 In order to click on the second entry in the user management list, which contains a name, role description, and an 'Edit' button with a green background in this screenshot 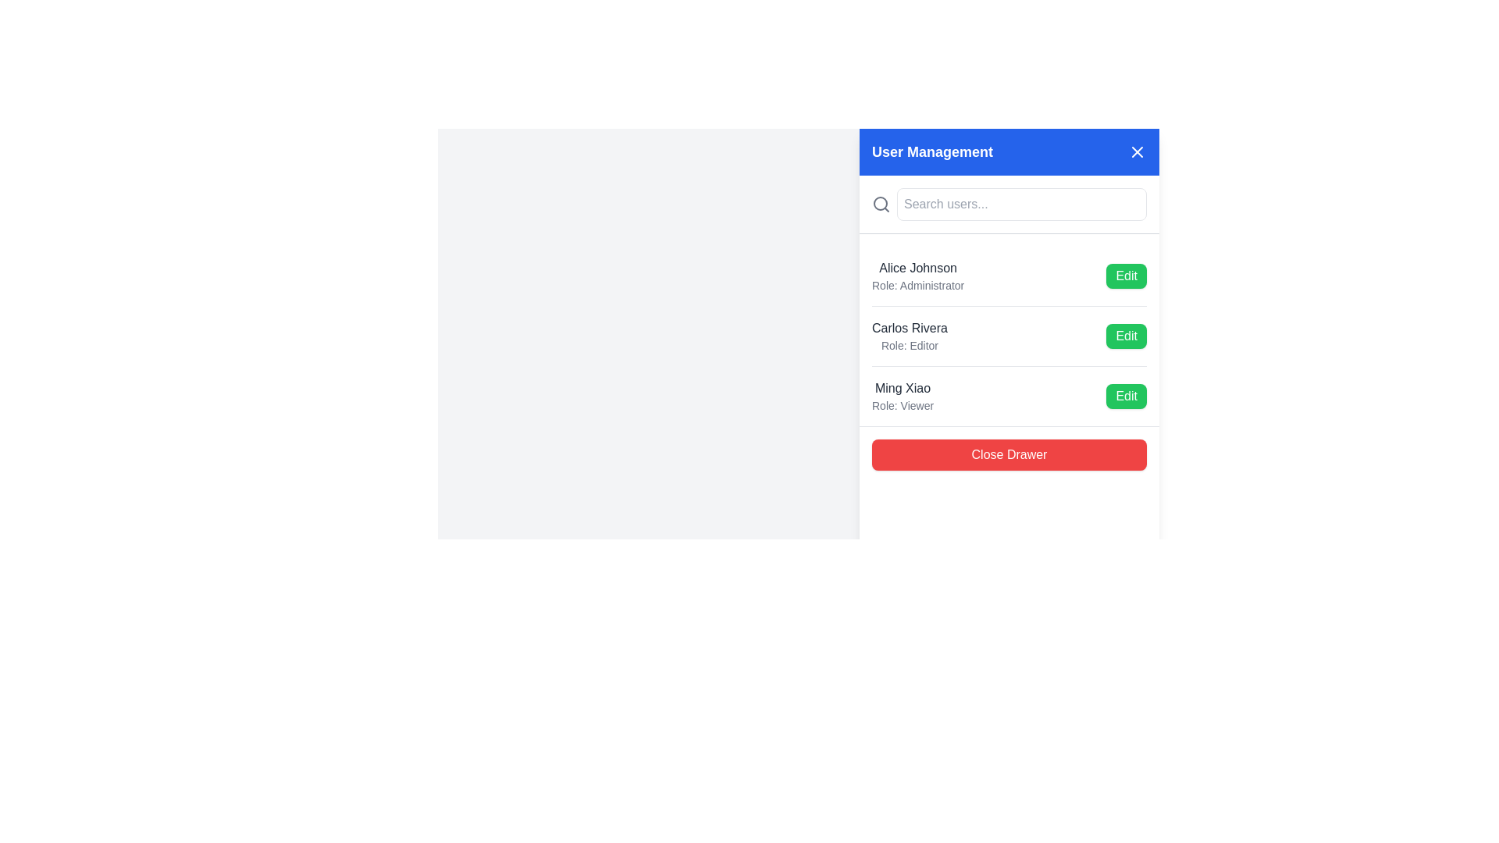, I will do `click(1009, 329)`.